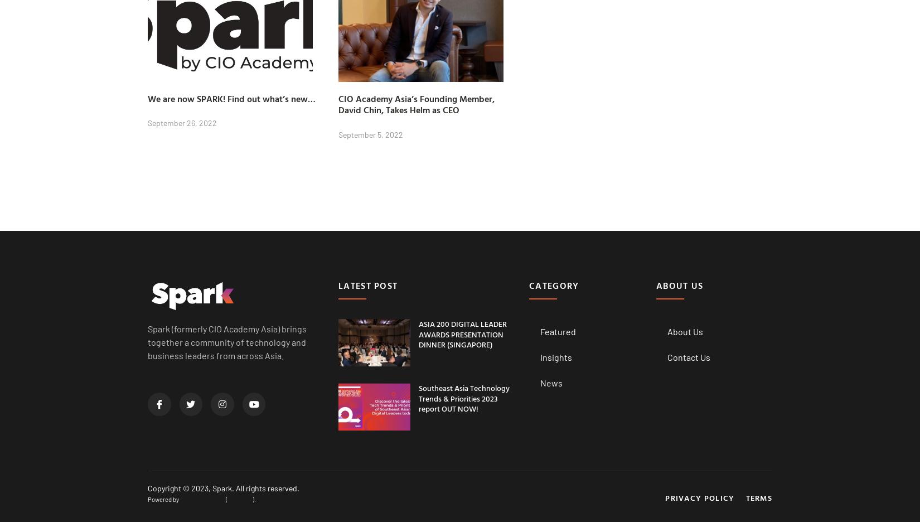 The image size is (920, 522). Describe the element at coordinates (231, 97) in the screenshot. I see `'We are now SPARK! Find out what’s new…'` at that location.